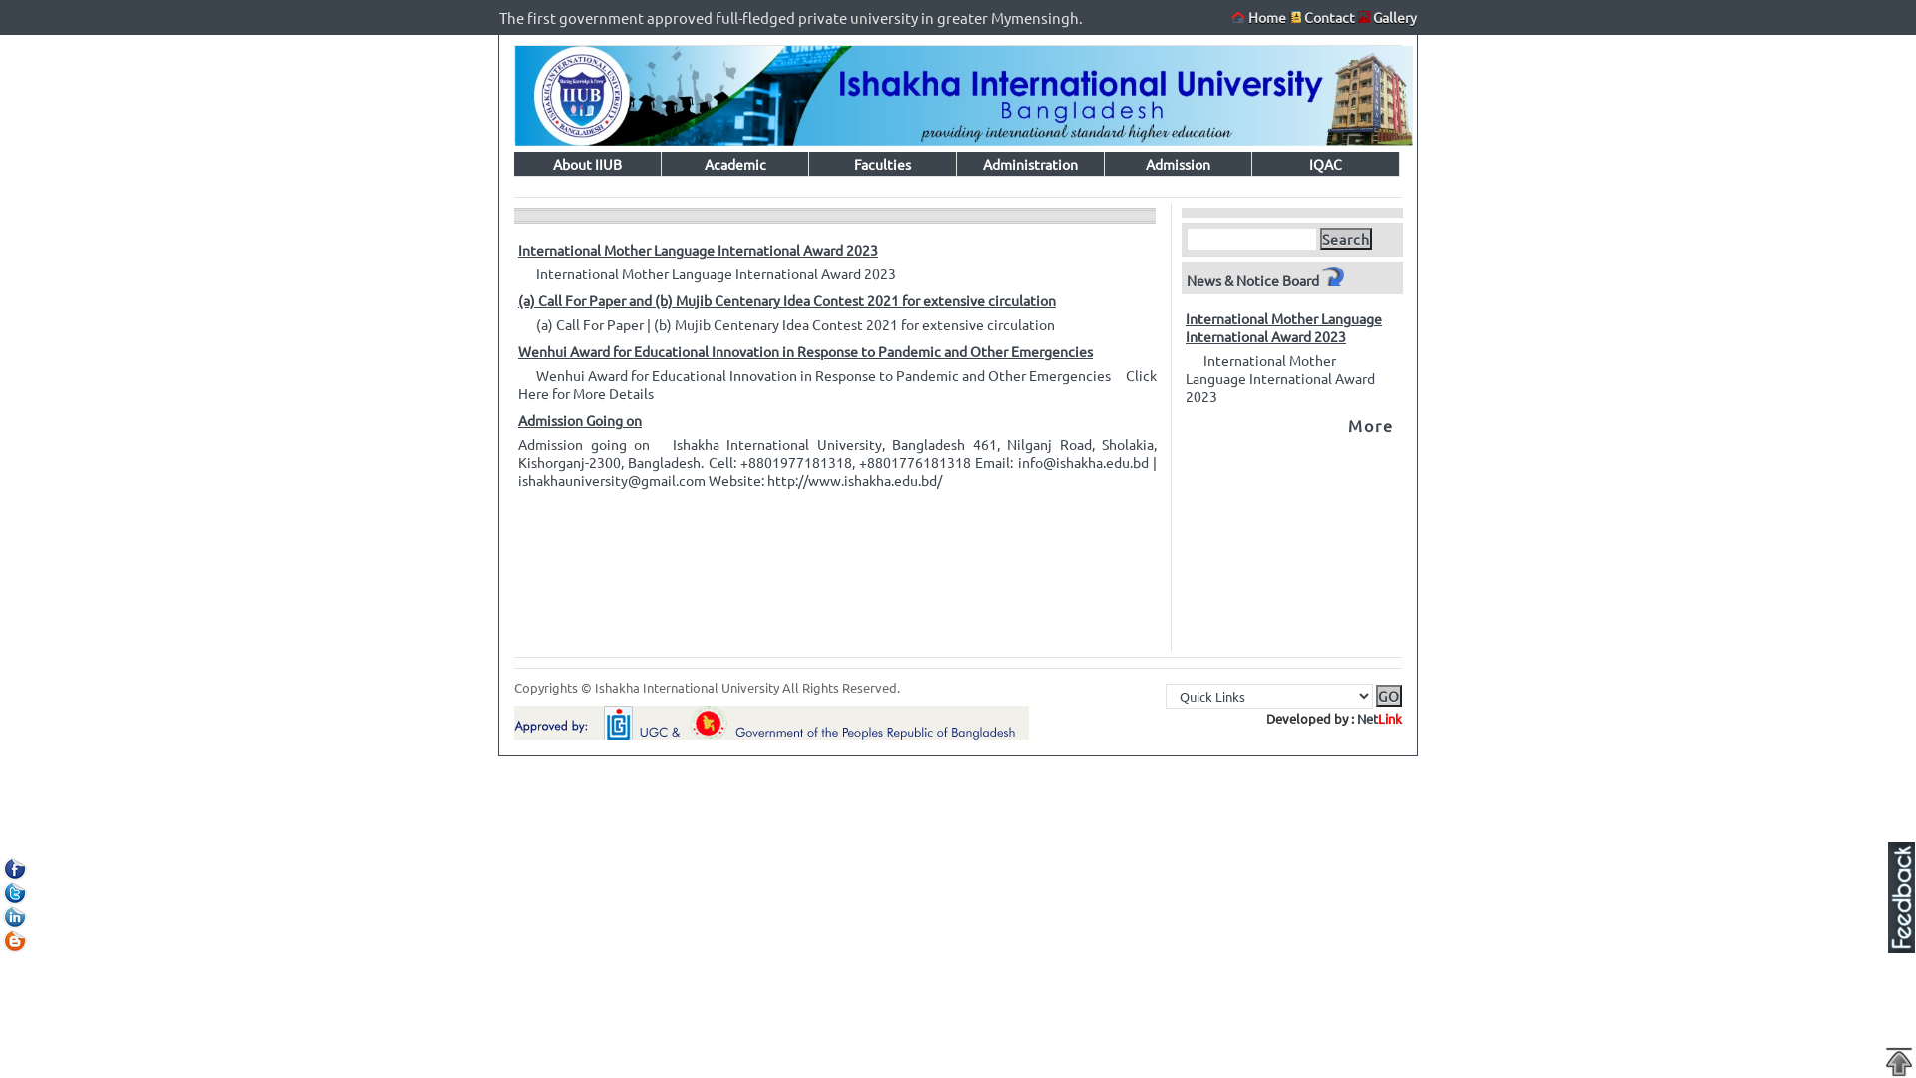  I want to click on 'NetLink', so click(1378, 717).